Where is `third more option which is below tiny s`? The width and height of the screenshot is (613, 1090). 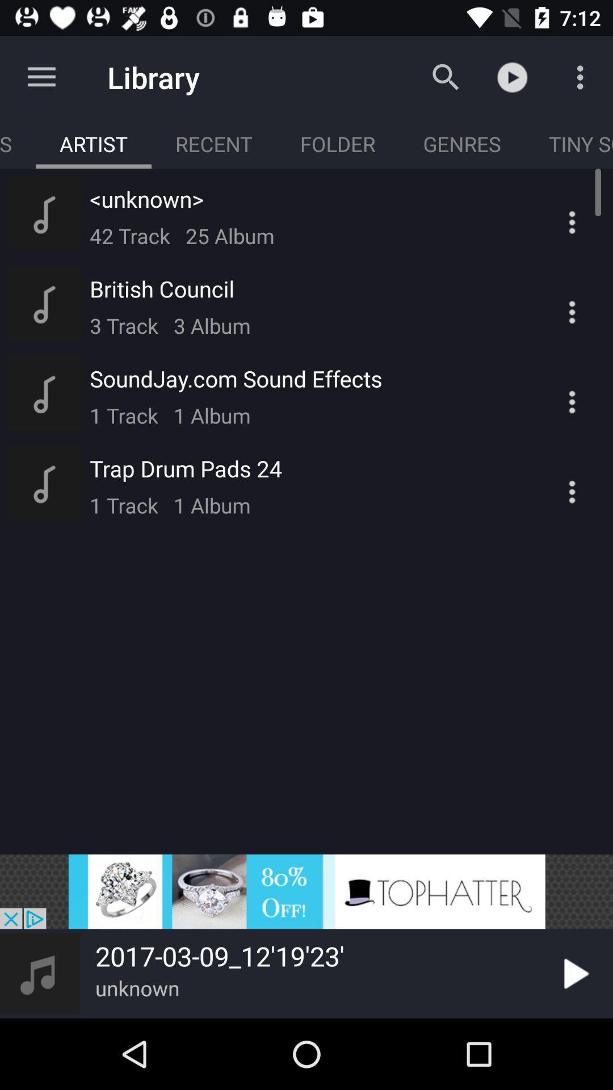
third more option which is below tiny s is located at coordinates (552, 393).